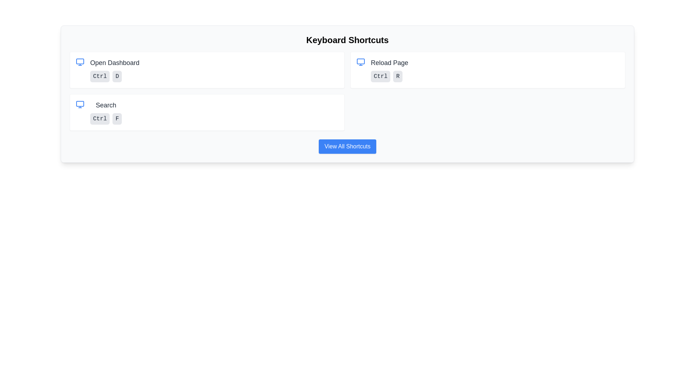 This screenshot has height=388, width=690. What do you see at coordinates (397, 76) in the screenshot?
I see `the 'R' key representation in the keyboard shortcuts panel, which is part of the 'Reload Page' shortcut` at bounding box center [397, 76].